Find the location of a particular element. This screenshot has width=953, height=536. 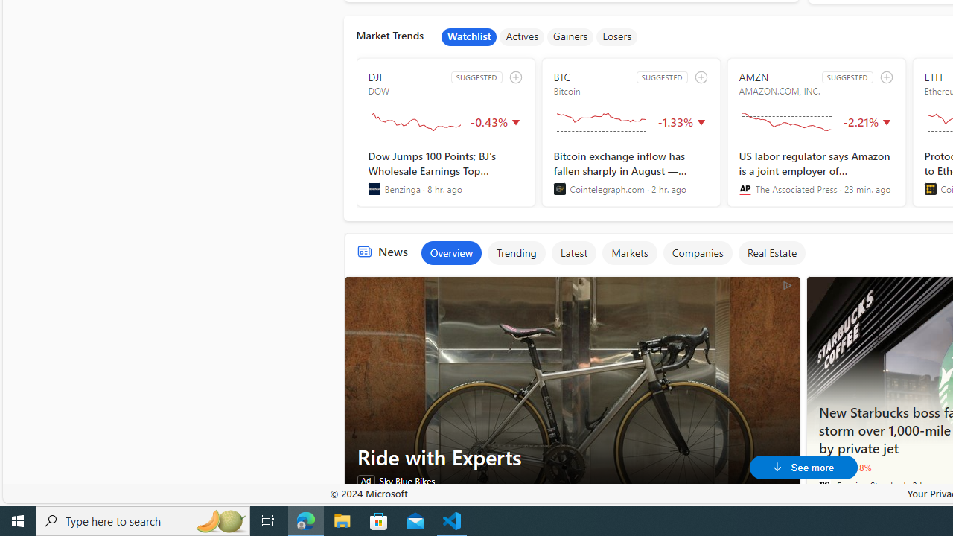

'Evening Standard' is located at coordinates (823, 485).